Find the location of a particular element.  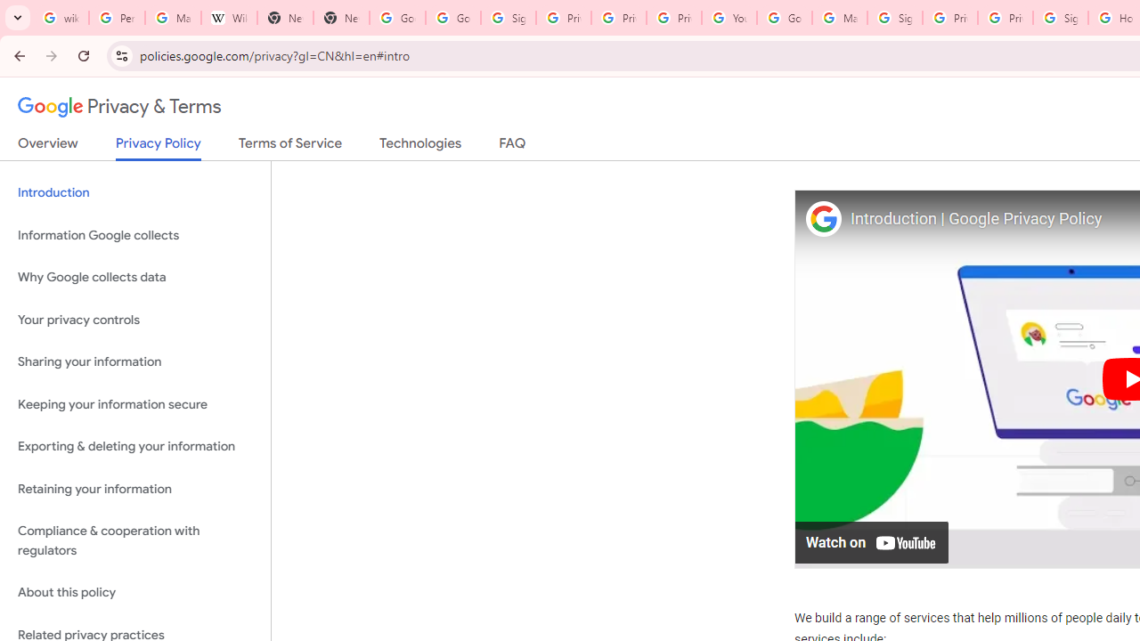

'Photo image of Google' is located at coordinates (822, 217).